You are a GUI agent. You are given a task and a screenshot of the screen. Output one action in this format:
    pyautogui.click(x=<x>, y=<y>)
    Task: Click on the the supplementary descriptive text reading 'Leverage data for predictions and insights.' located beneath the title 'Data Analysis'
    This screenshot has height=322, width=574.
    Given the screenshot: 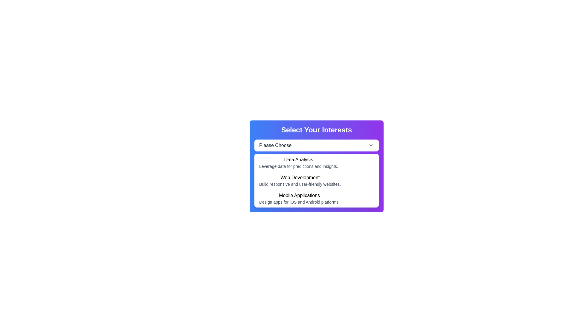 What is the action you would take?
    pyautogui.click(x=298, y=166)
    